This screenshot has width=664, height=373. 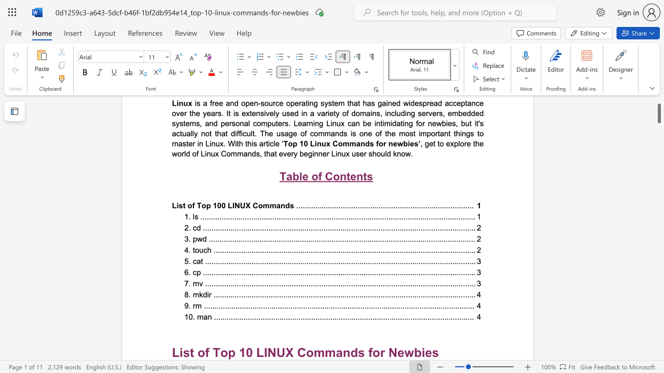 What do you see at coordinates (172, 352) in the screenshot?
I see `the subset text "List of Top 10 LIN" within the text "List of Top 10 LINUX Commands for Newbies"` at bounding box center [172, 352].